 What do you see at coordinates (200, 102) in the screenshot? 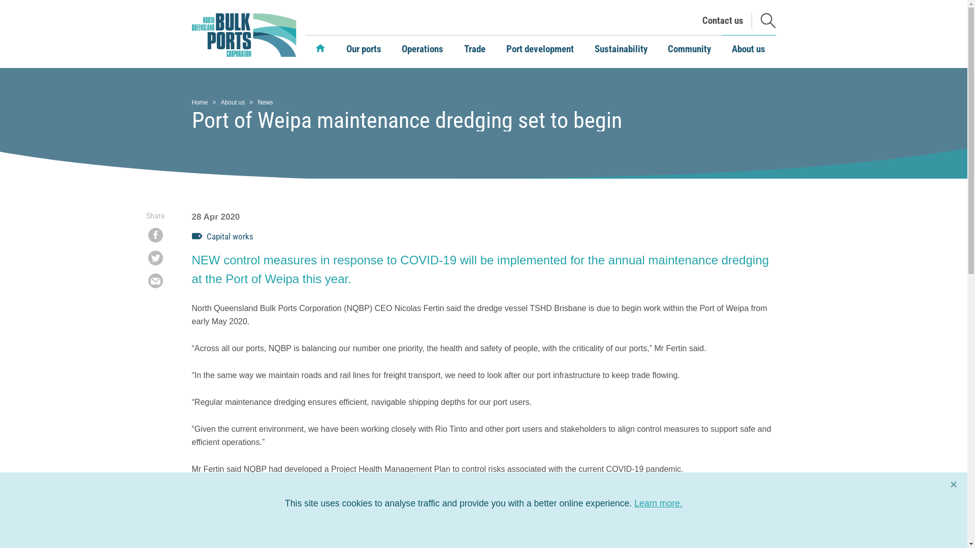
I see `'Home'` at bounding box center [200, 102].